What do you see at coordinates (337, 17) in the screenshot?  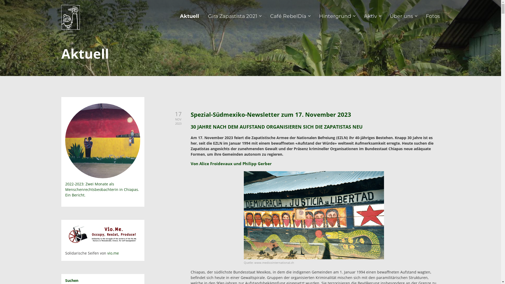 I see `'Hintergrund'` at bounding box center [337, 17].